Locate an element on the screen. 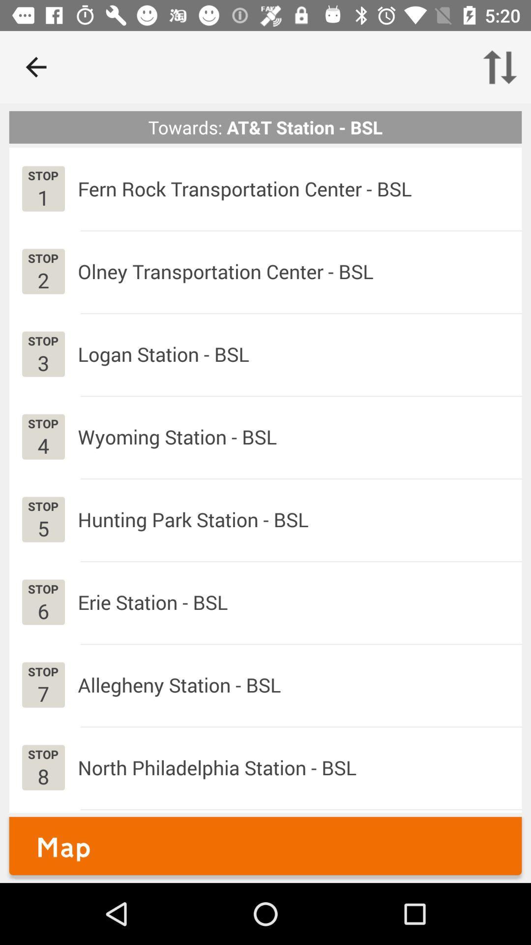 The height and width of the screenshot is (945, 531). the icon to the left of the north philadelphia station app is located at coordinates (43, 776).